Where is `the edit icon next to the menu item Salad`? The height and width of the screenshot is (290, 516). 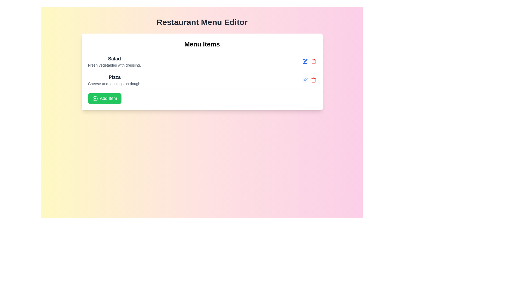
the edit icon next to the menu item Salad is located at coordinates (305, 61).